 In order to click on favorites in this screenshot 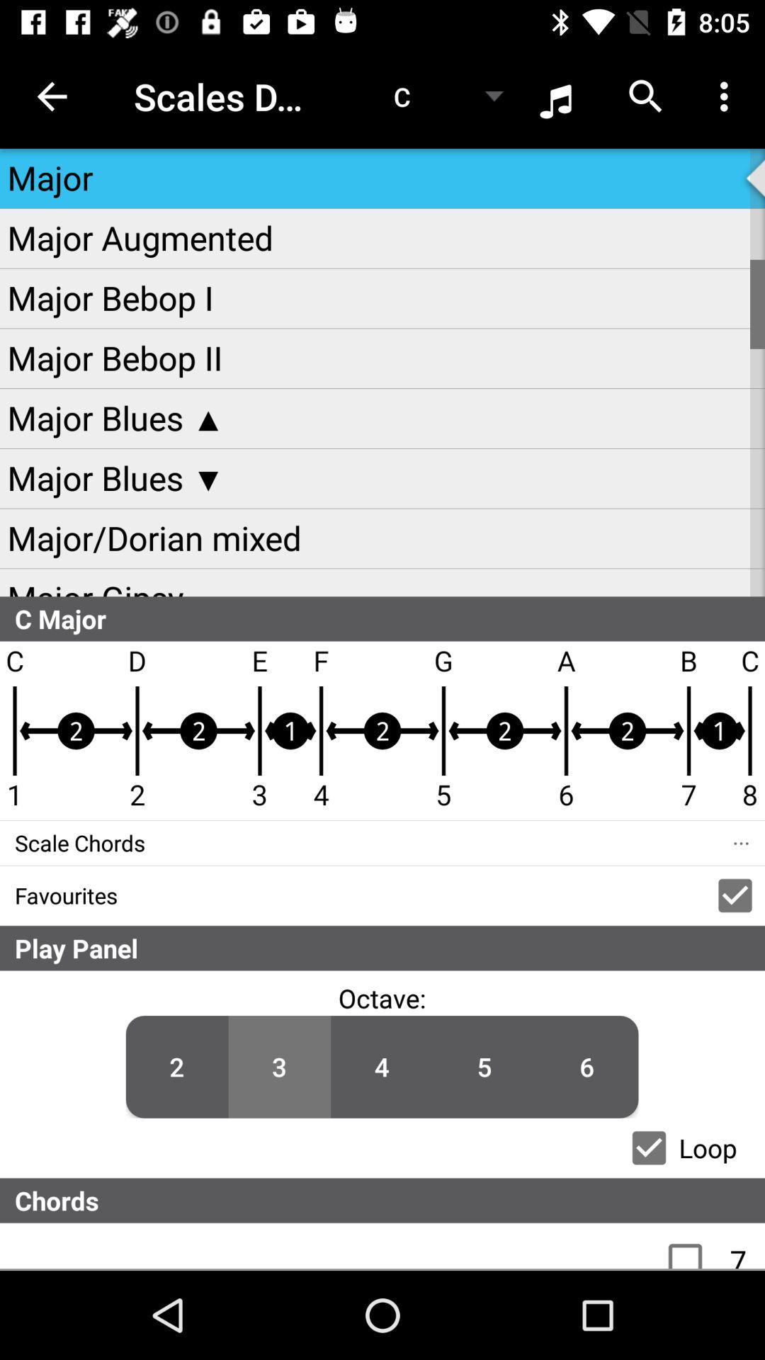, I will do `click(734, 895)`.